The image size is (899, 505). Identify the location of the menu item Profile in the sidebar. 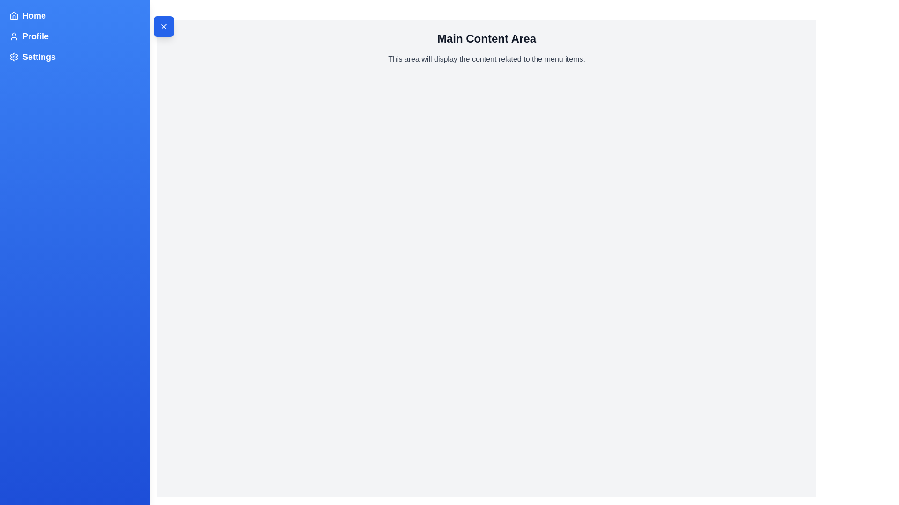
(74, 36).